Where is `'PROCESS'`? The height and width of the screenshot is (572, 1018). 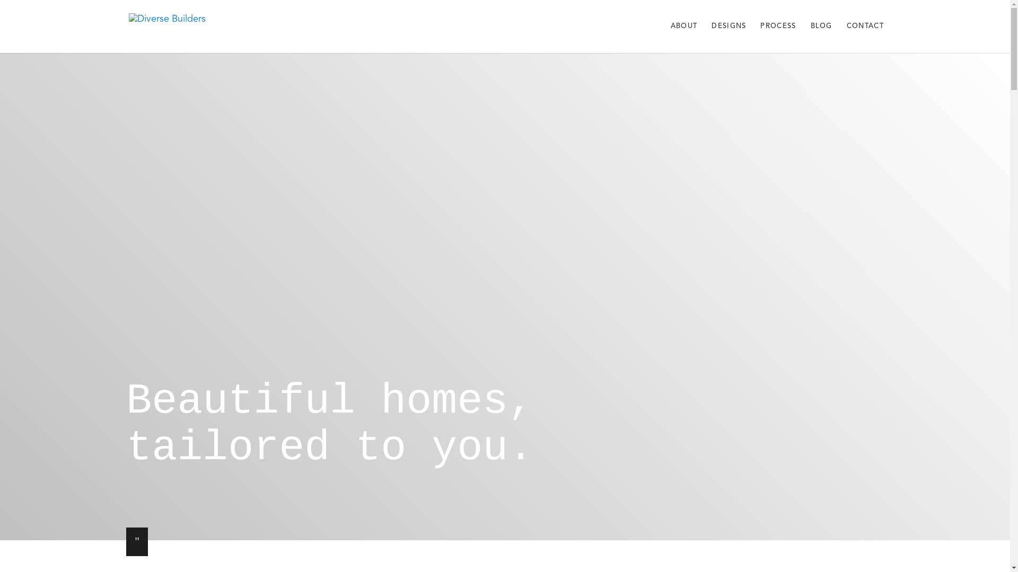 'PROCESS' is located at coordinates (778, 37).